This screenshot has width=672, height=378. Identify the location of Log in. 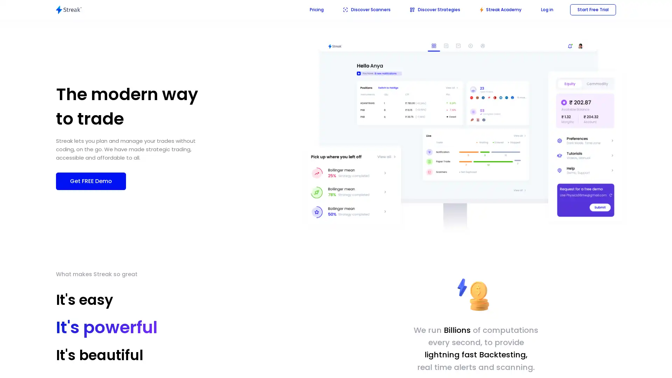
(547, 9).